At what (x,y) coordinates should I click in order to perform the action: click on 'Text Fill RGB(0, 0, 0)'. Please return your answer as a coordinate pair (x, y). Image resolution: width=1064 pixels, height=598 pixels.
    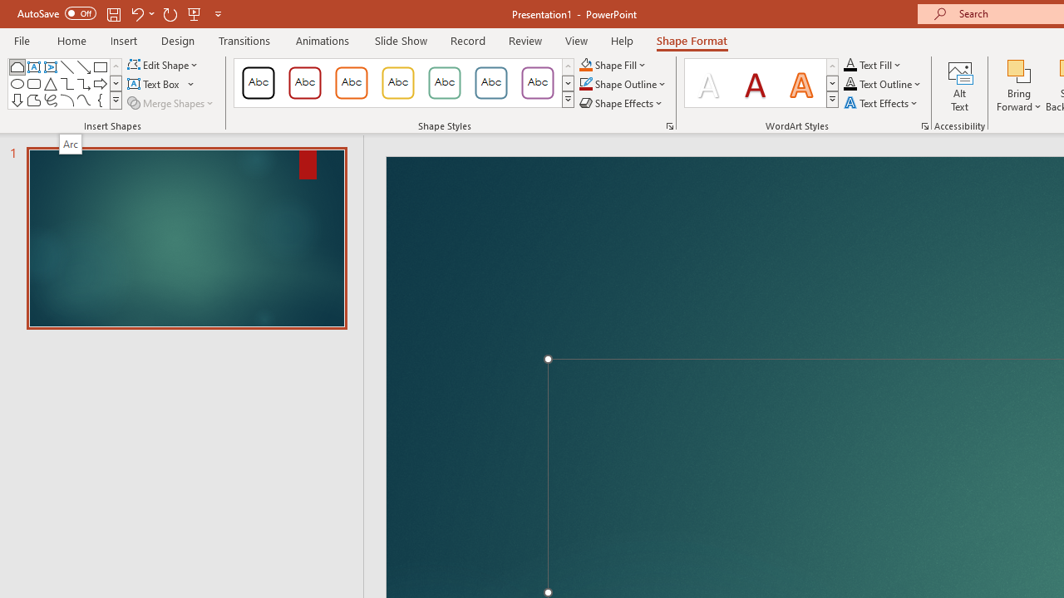
    Looking at the image, I should click on (850, 64).